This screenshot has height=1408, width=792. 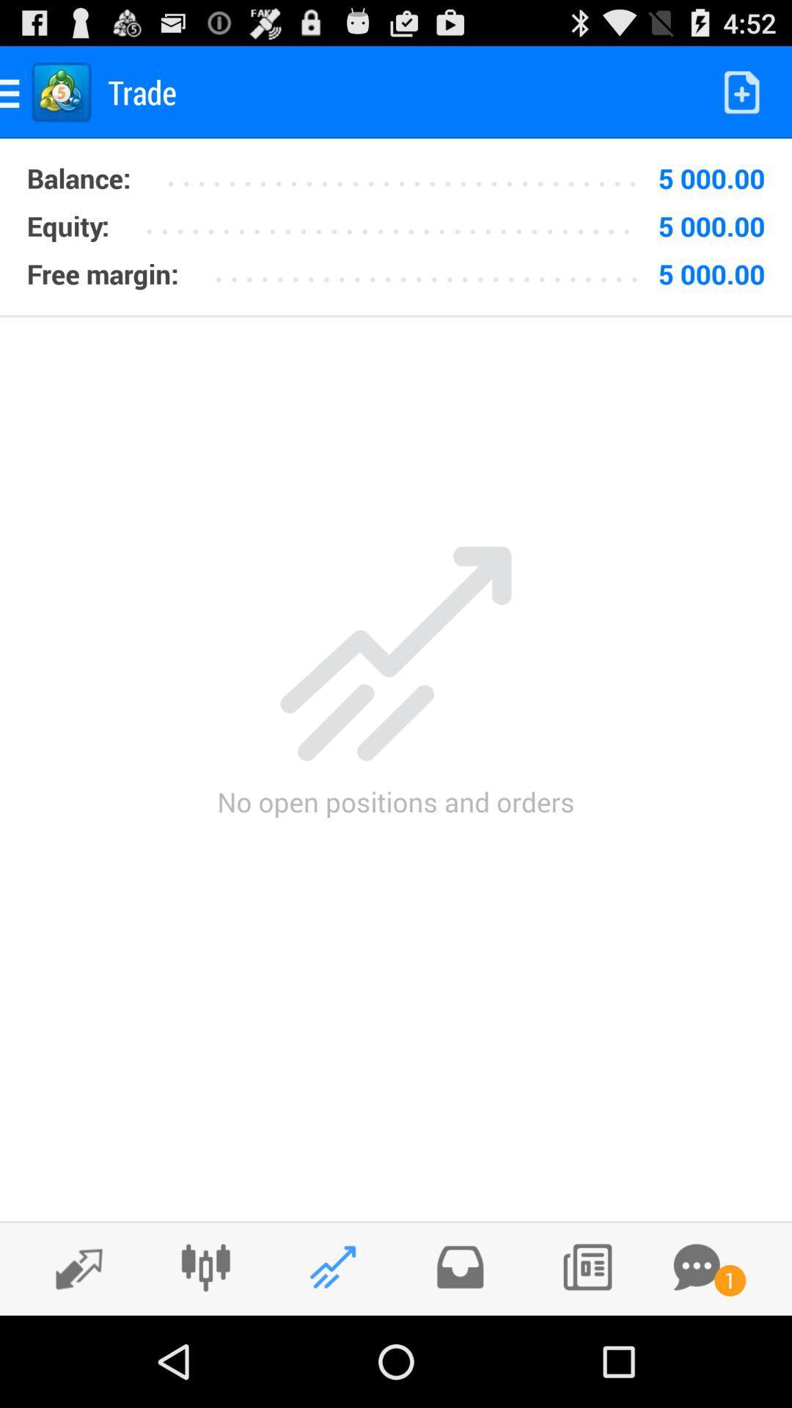 What do you see at coordinates (67, 225) in the screenshot?
I see `the item below the balance: item` at bounding box center [67, 225].